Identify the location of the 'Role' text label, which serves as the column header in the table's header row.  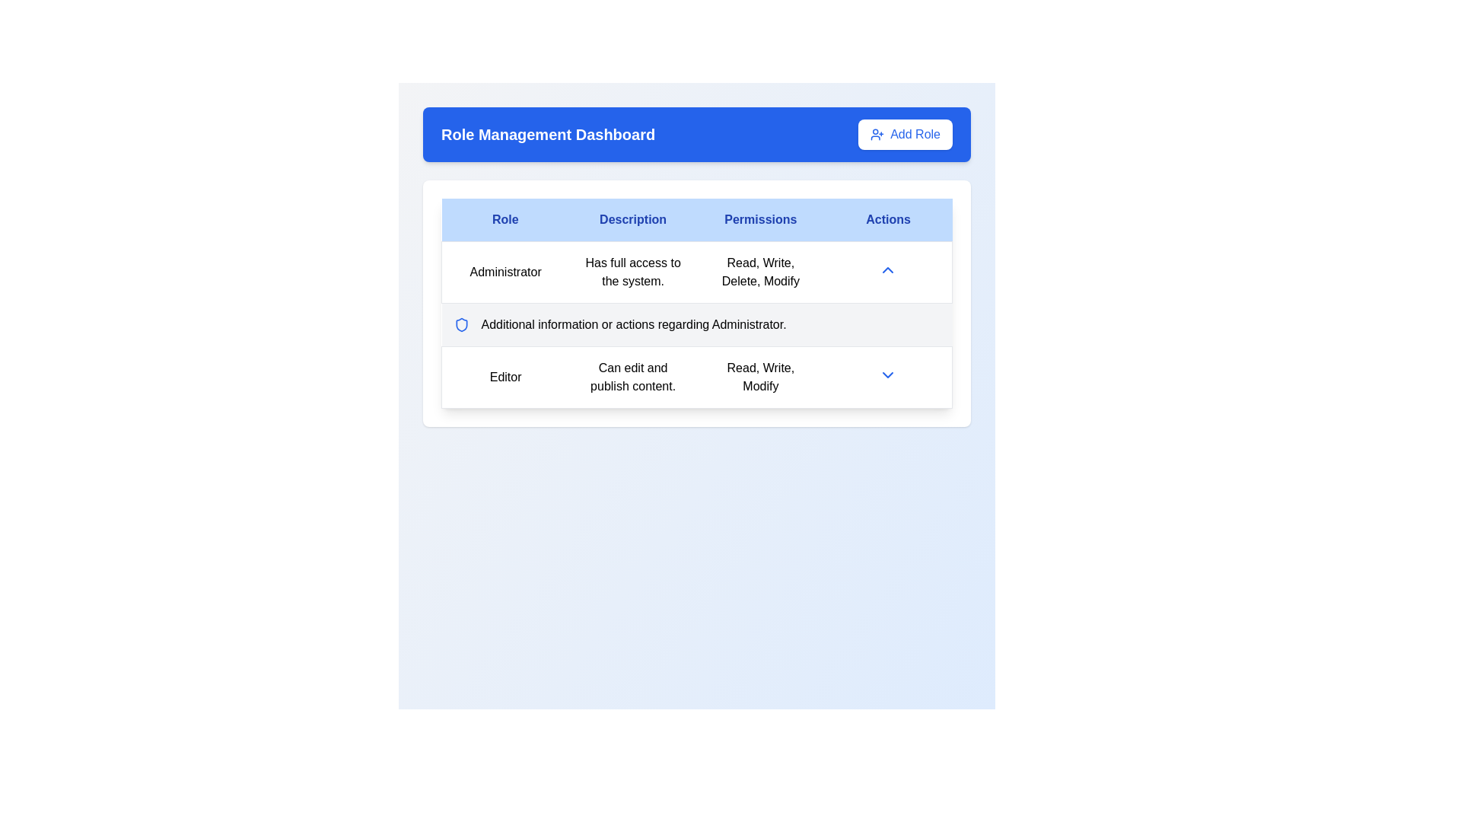
(505, 220).